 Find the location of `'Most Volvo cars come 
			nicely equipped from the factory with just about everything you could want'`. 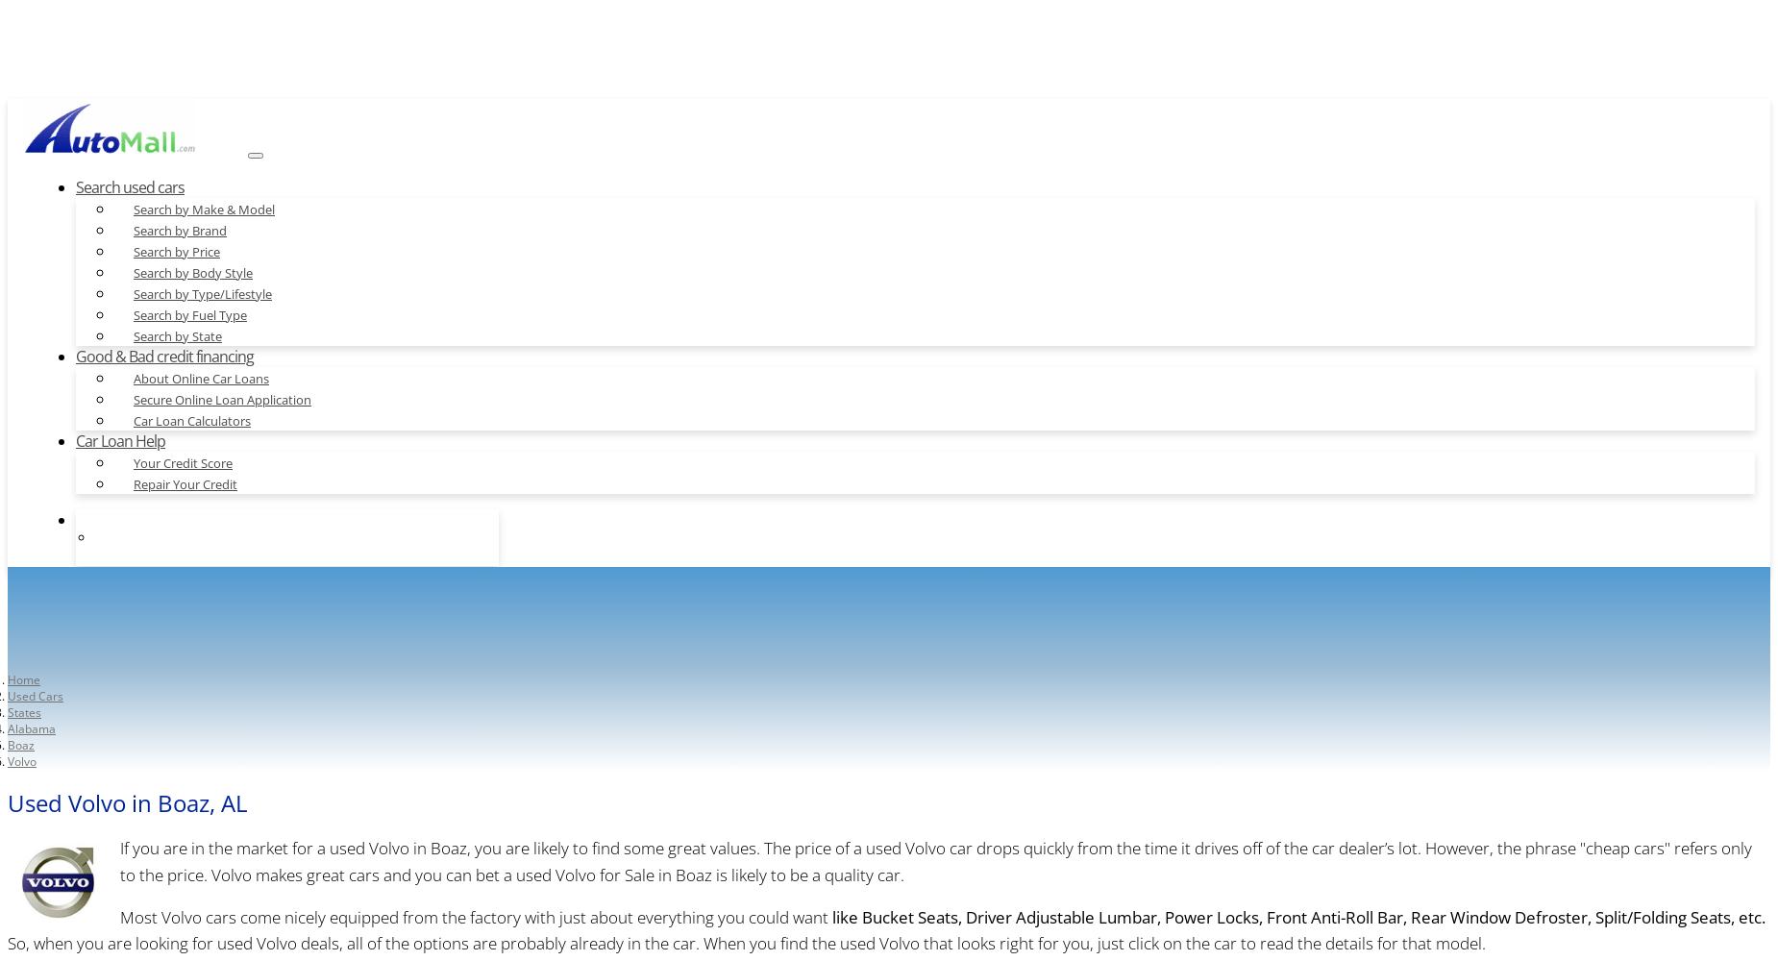

'Most Volvo cars come 
			nicely equipped from the factory with just about everything you could want' is located at coordinates (474, 916).